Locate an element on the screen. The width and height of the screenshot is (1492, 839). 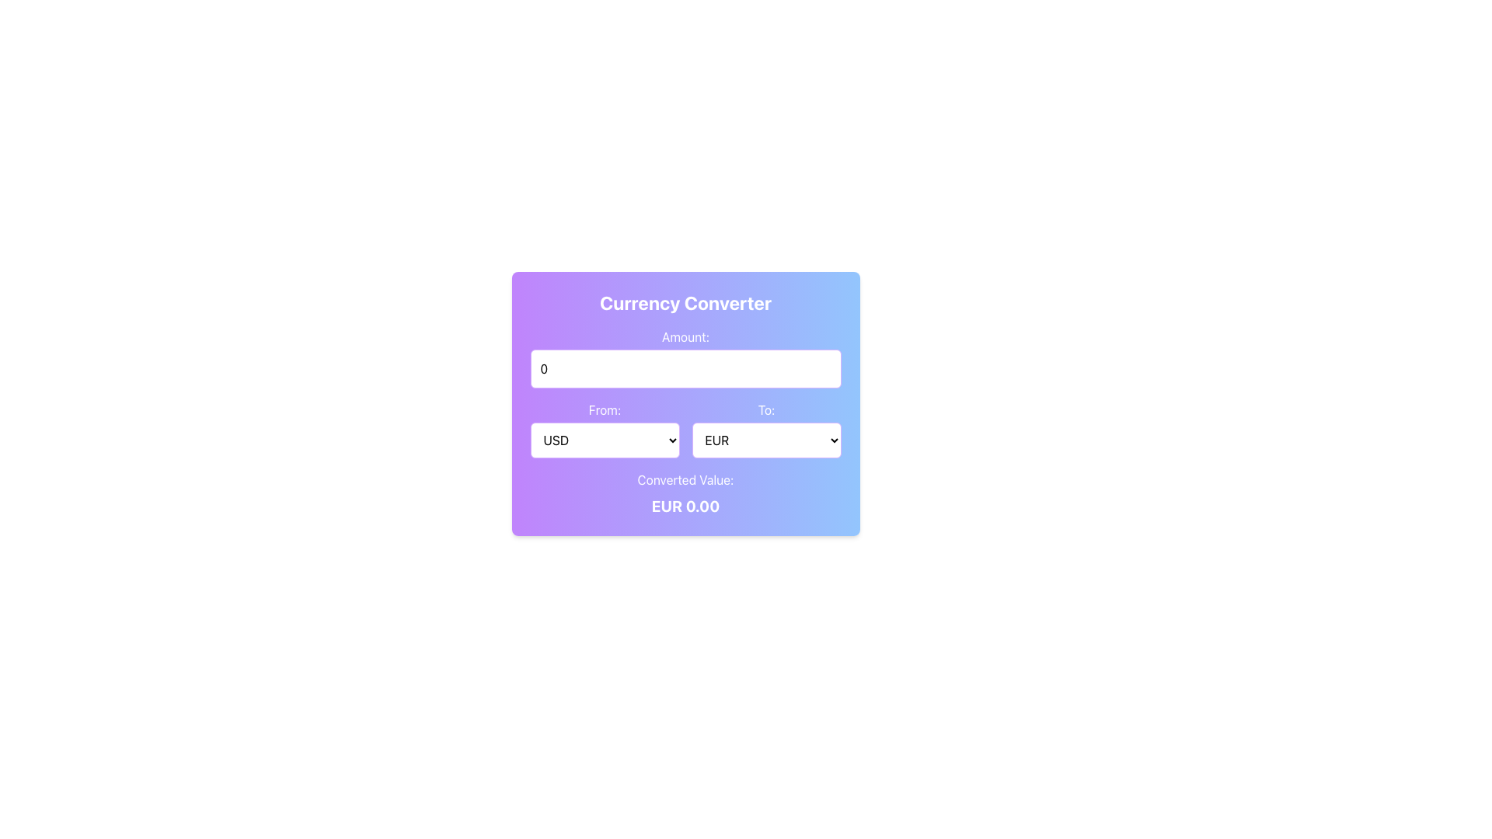
the Static Text Label displaying 'Converted Value:' which is centered above the output value 'EUR 0.00' is located at coordinates (685, 479).